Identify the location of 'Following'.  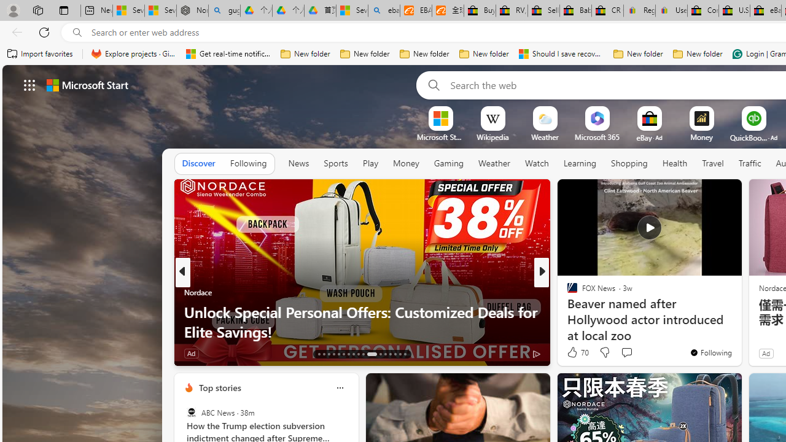
(247, 163).